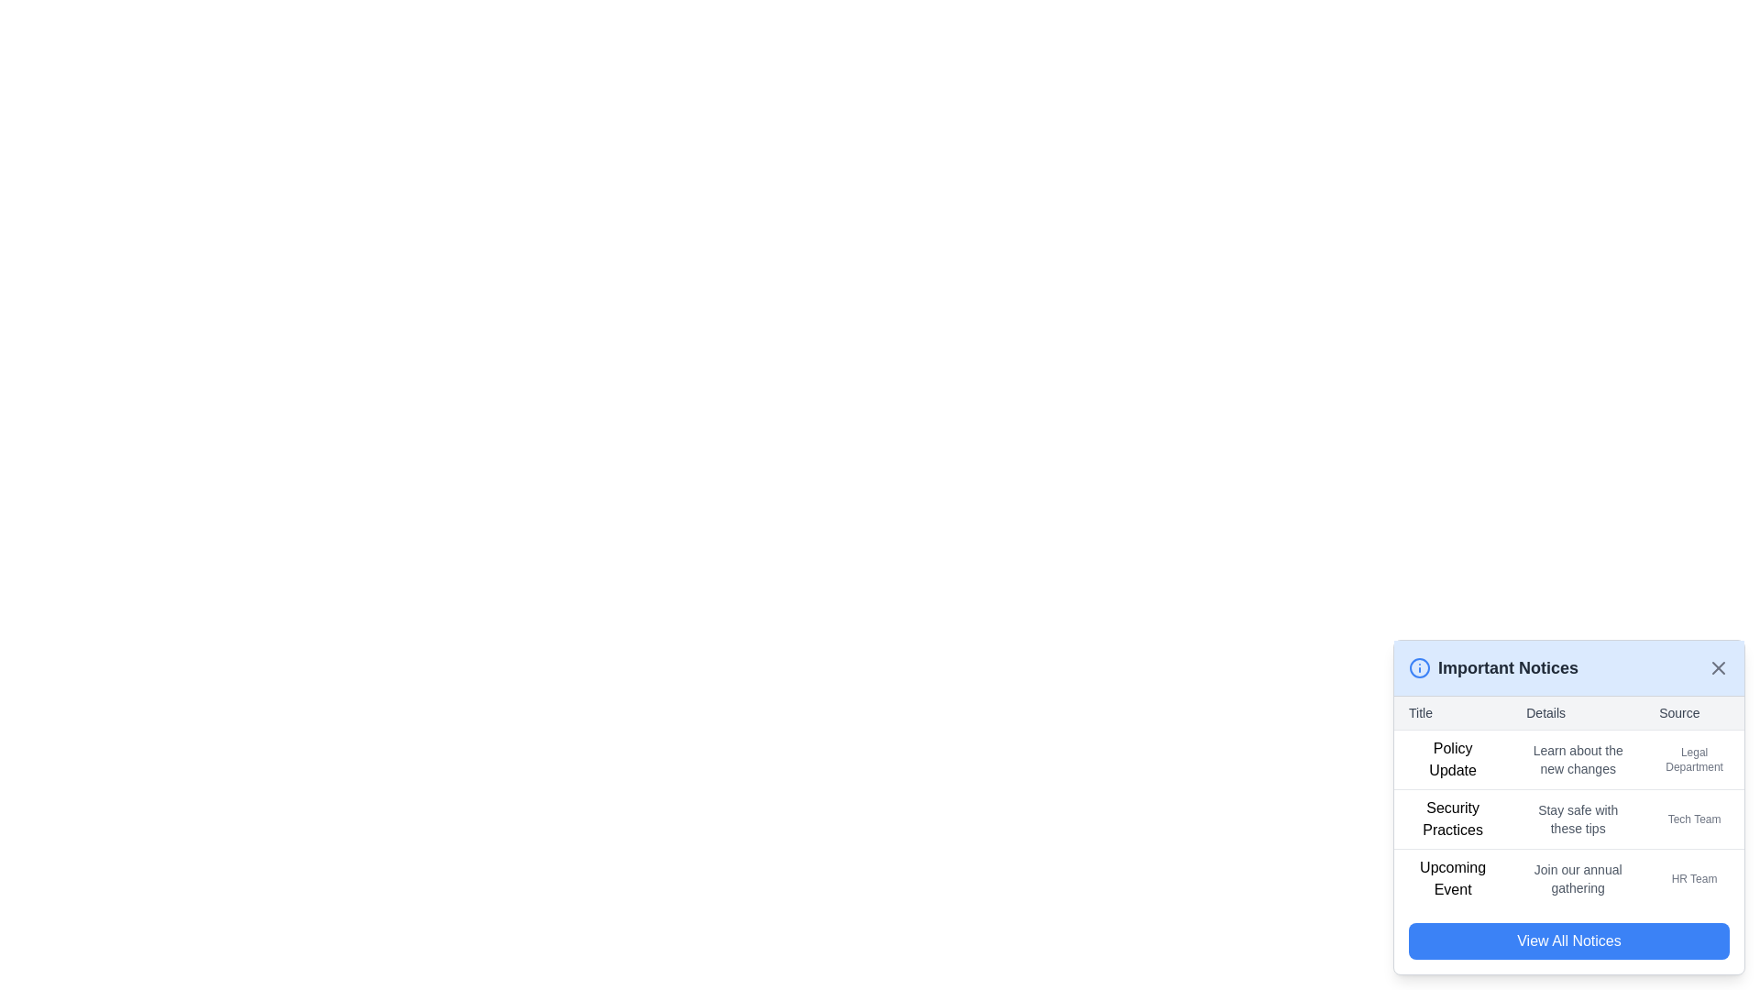  What do you see at coordinates (1693, 760) in the screenshot?
I see `the text label that says 'Legal Department' located in the 'Source' column of the table in the 'Important Notices' section, specifically in the first row corresponding to the 'Policy Update' entry` at bounding box center [1693, 760].